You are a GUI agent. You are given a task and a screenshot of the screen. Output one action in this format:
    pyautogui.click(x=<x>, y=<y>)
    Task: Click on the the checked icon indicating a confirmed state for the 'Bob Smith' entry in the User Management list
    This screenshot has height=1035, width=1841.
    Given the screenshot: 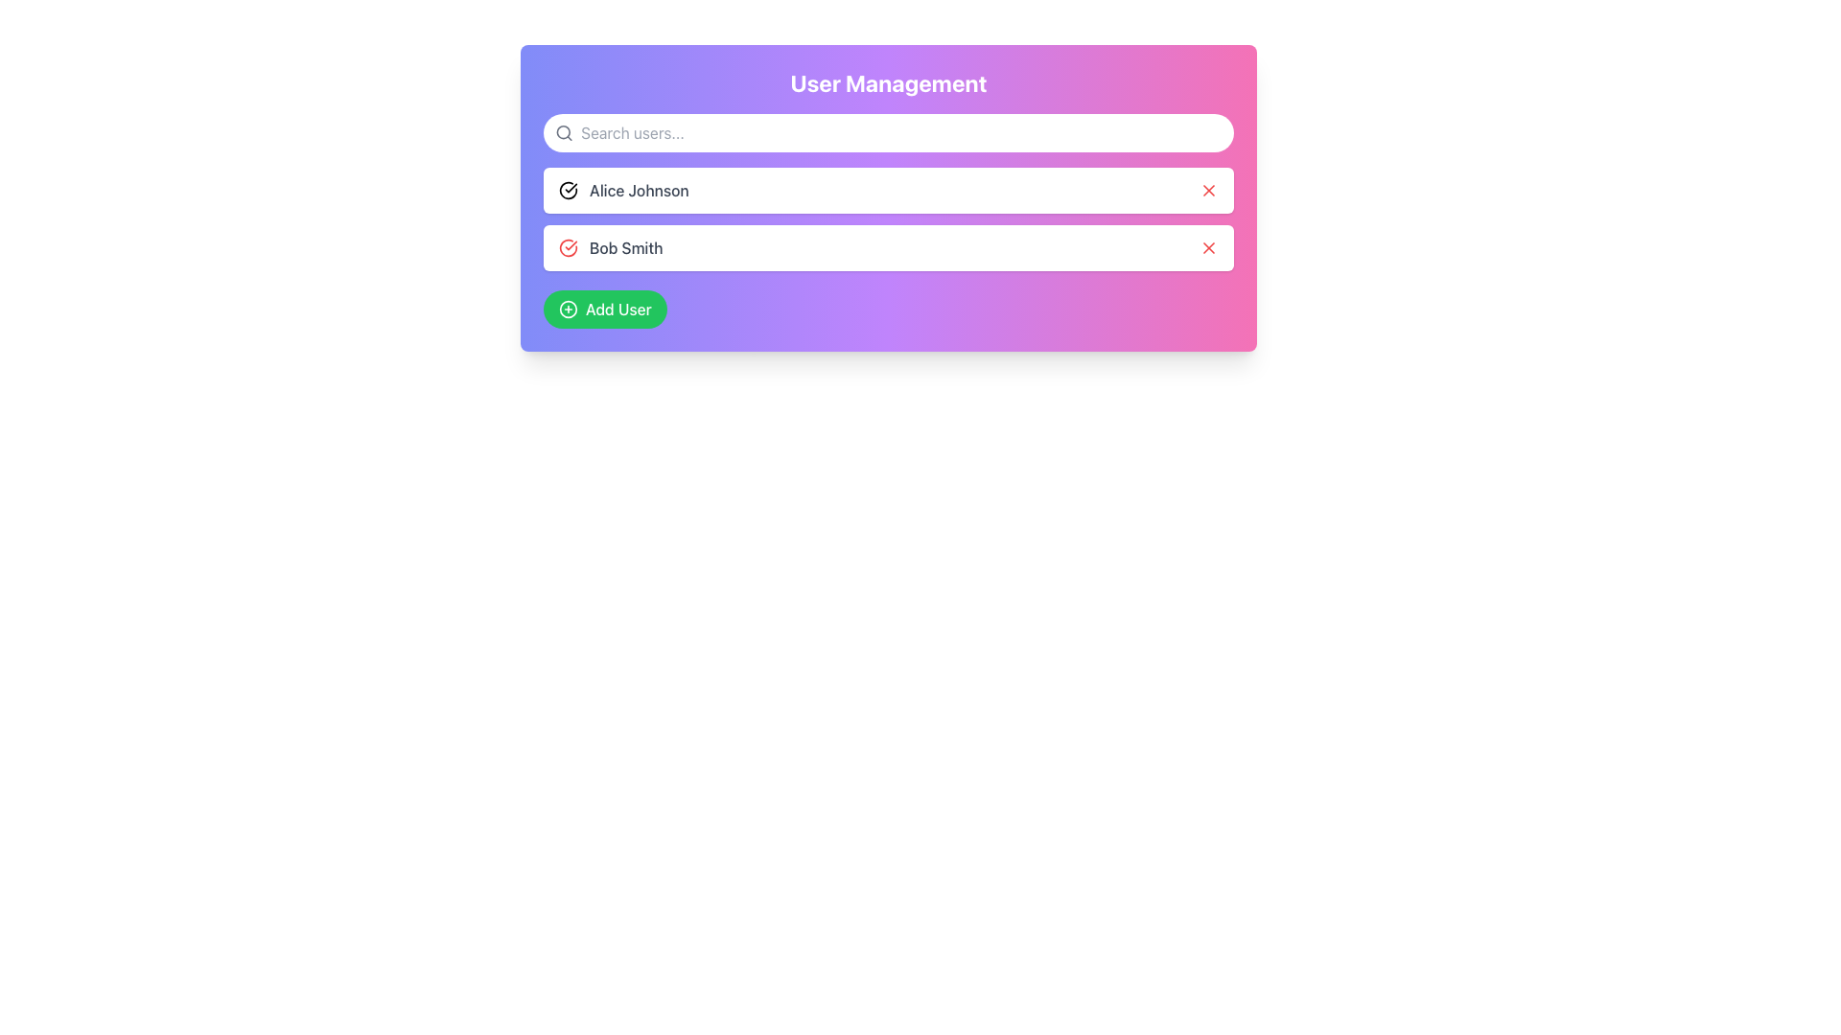 What is the action you would take?
    pyautogui.click(x=568, y=246)
    